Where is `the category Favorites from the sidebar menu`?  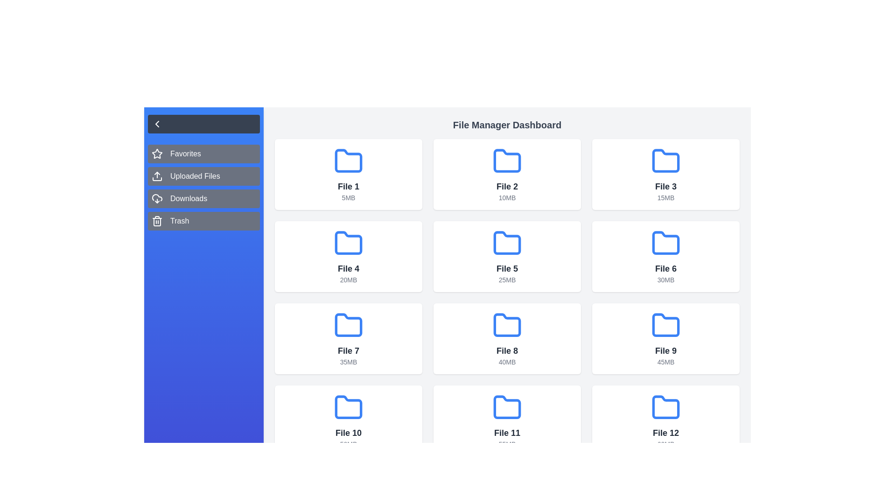 the category Favorites from the sidebar menu is located at coordinates (203, 154).